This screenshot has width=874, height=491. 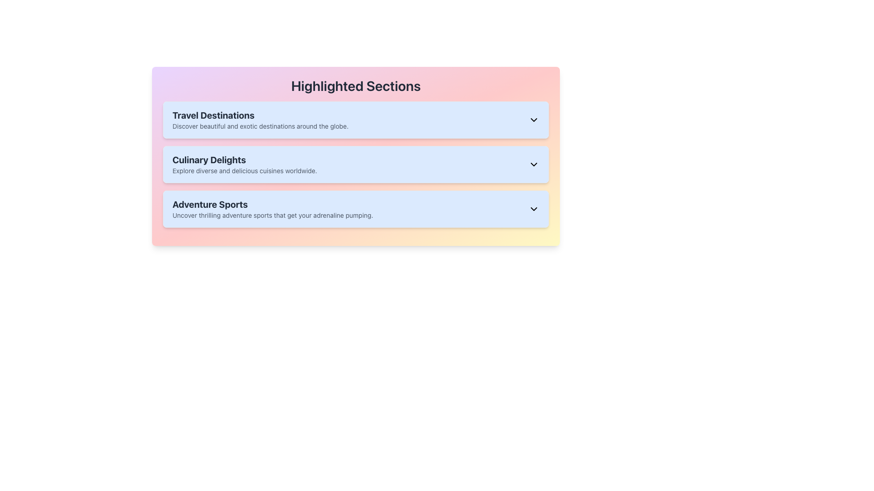 What do you see at coordinates (244, 165) in the screenshot?
I see `the 'Culinary Delights' section title and subtitle, which is the second item in the list of 'Highlighted Sections'` at bounding box center [244, 165].